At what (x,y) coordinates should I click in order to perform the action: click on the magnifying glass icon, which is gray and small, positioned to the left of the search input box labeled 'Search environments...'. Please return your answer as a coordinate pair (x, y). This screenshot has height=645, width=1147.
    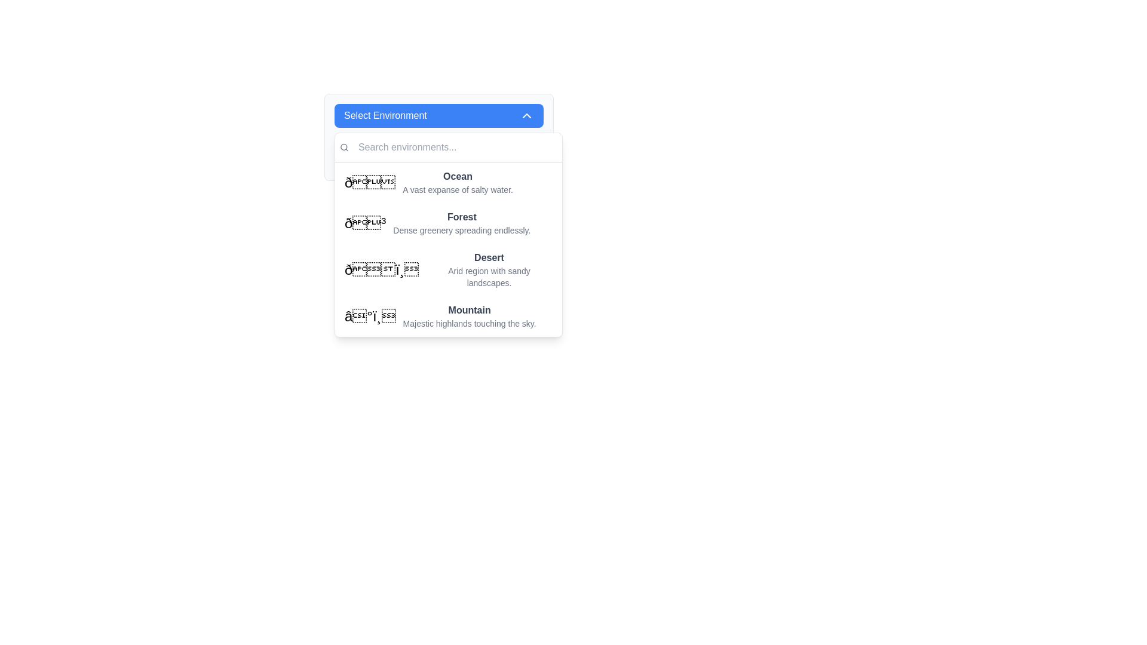
    Looking at the image, I should click on (344, 146).